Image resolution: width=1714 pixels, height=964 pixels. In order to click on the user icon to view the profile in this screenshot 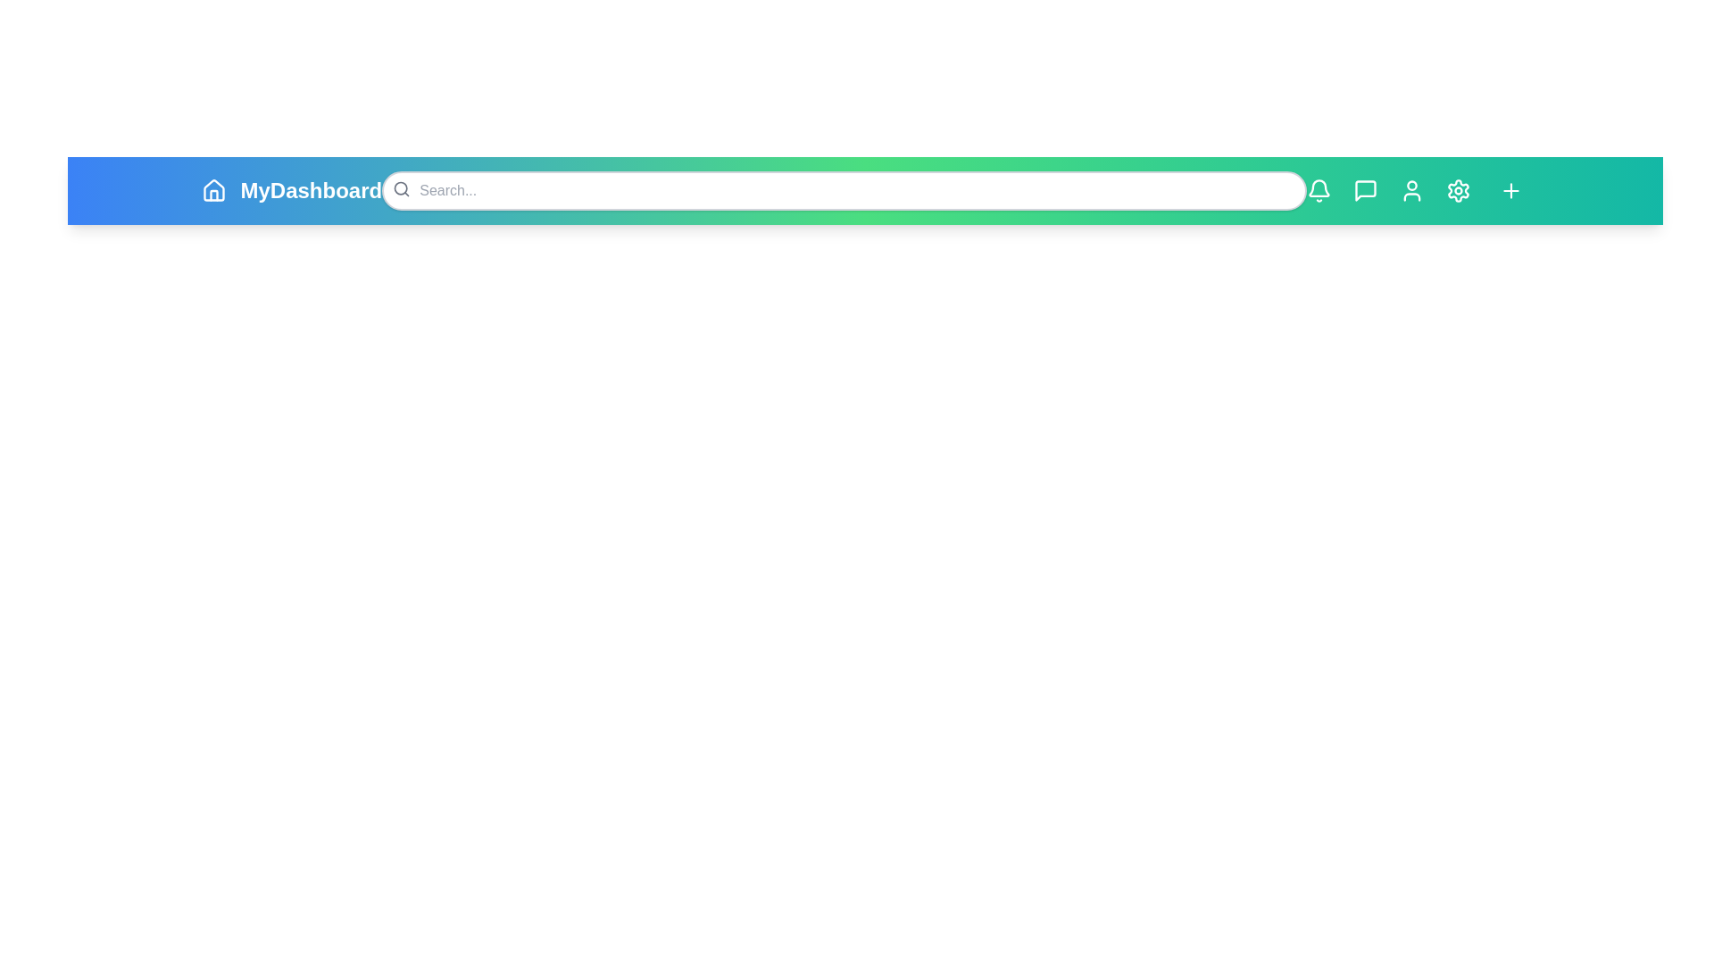, I will do `click(1410, 190)`.